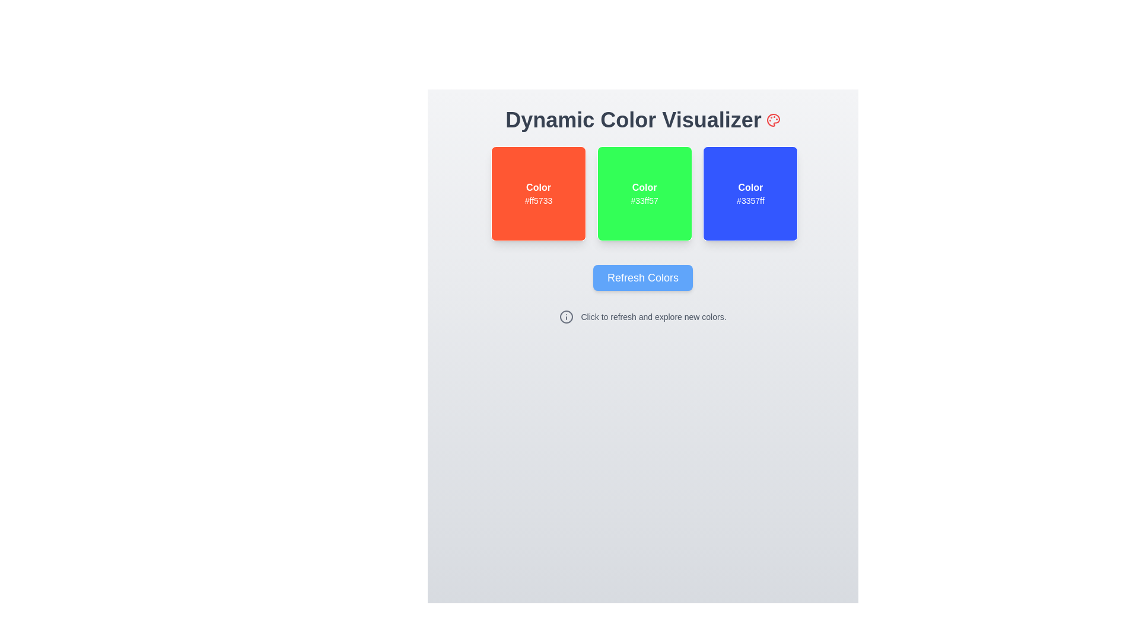  What do you see at coordinates (644, 193) in the screenshot?
I see `the Static display tile that represents a color sample, positioned between a red tile and a blue tile, and located slightly below the 'Dynamic Color Visualizer' title` at bounding box center [644, 193].